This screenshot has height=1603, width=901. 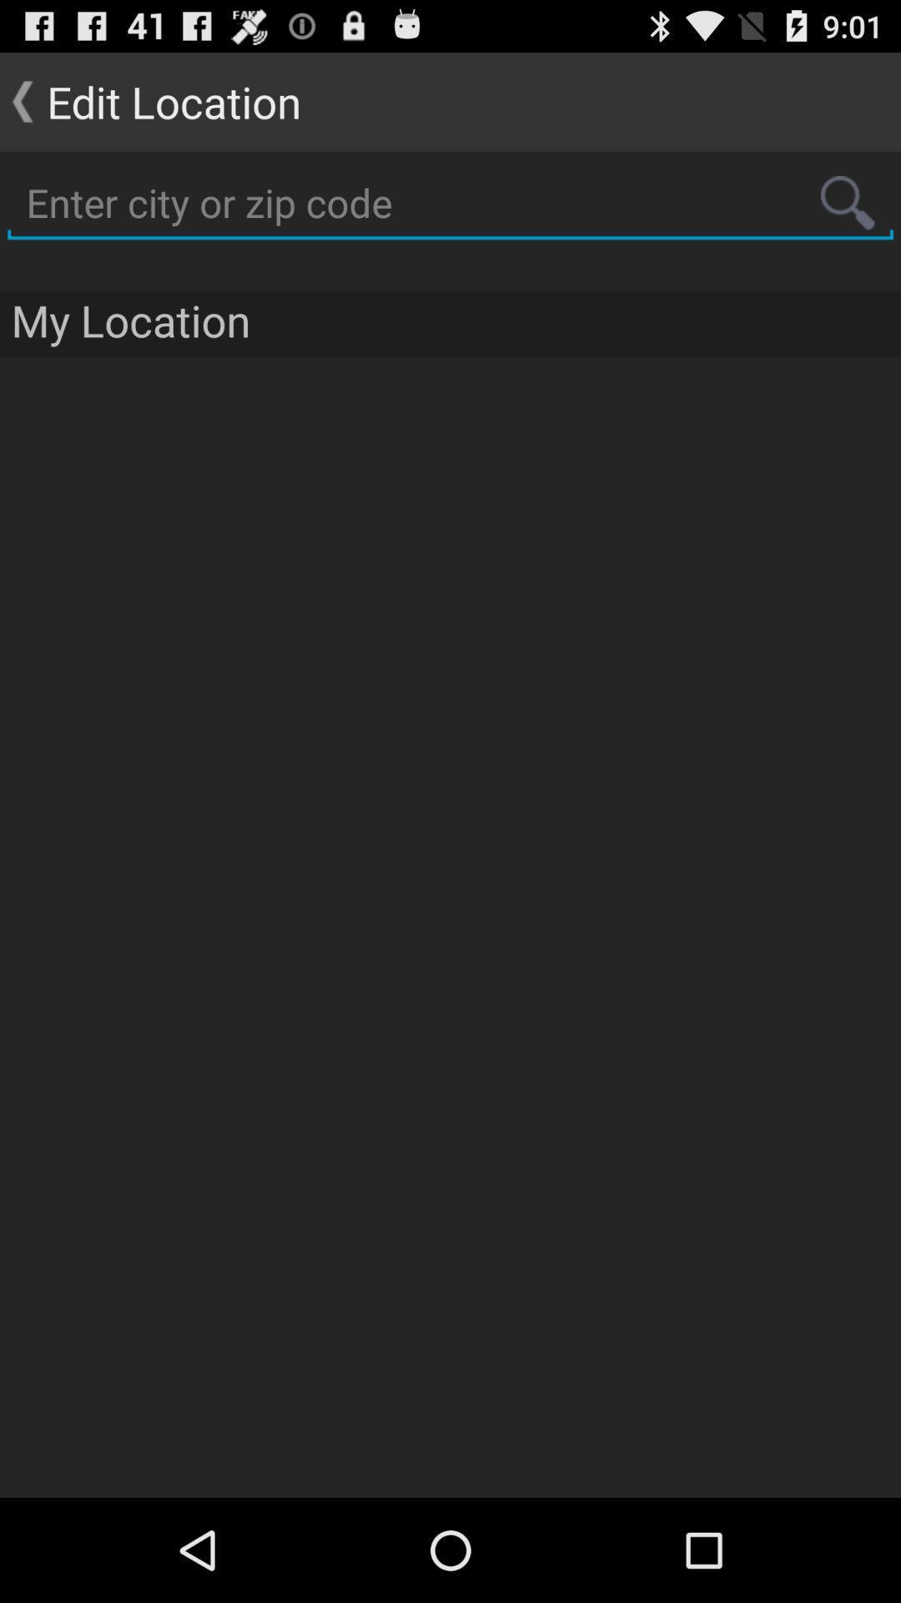 What do you see at coordinates (450, 203) in the screenshot?
I see `location box` at bounding box center [450, 203].